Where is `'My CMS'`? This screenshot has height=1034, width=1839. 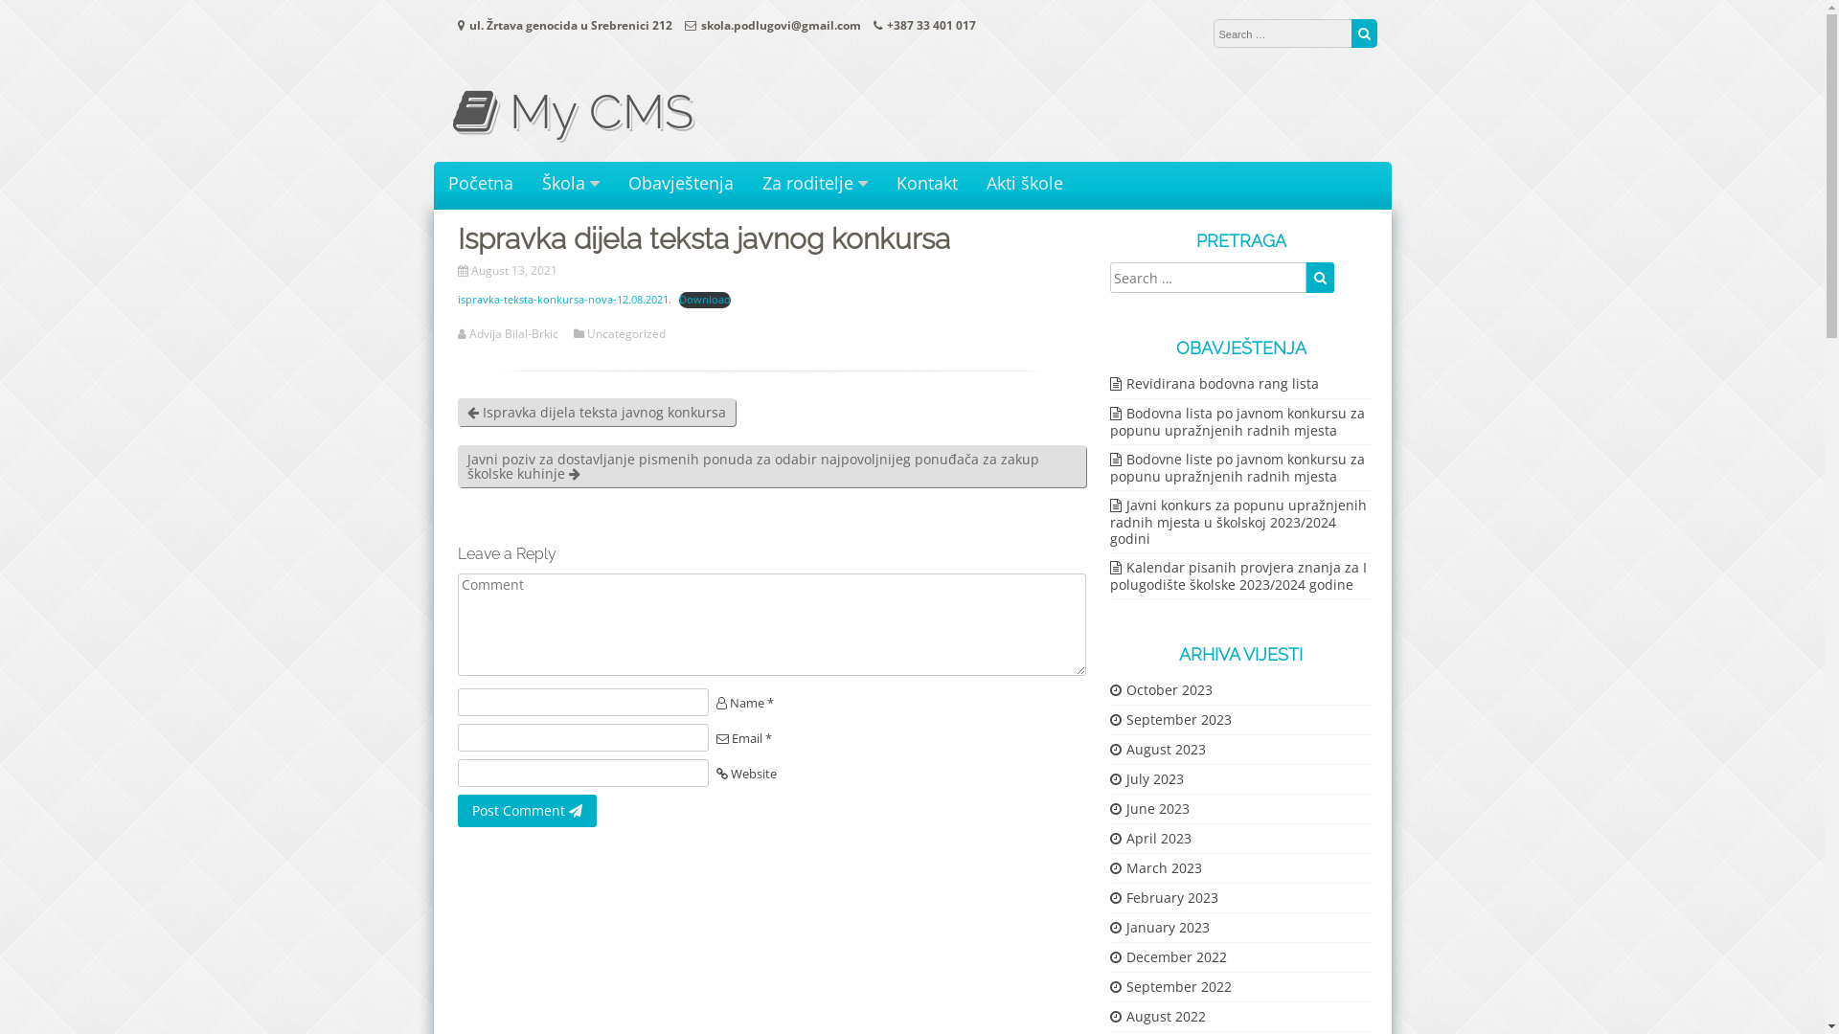
'My CMS' is located at coordinates (450, 111).